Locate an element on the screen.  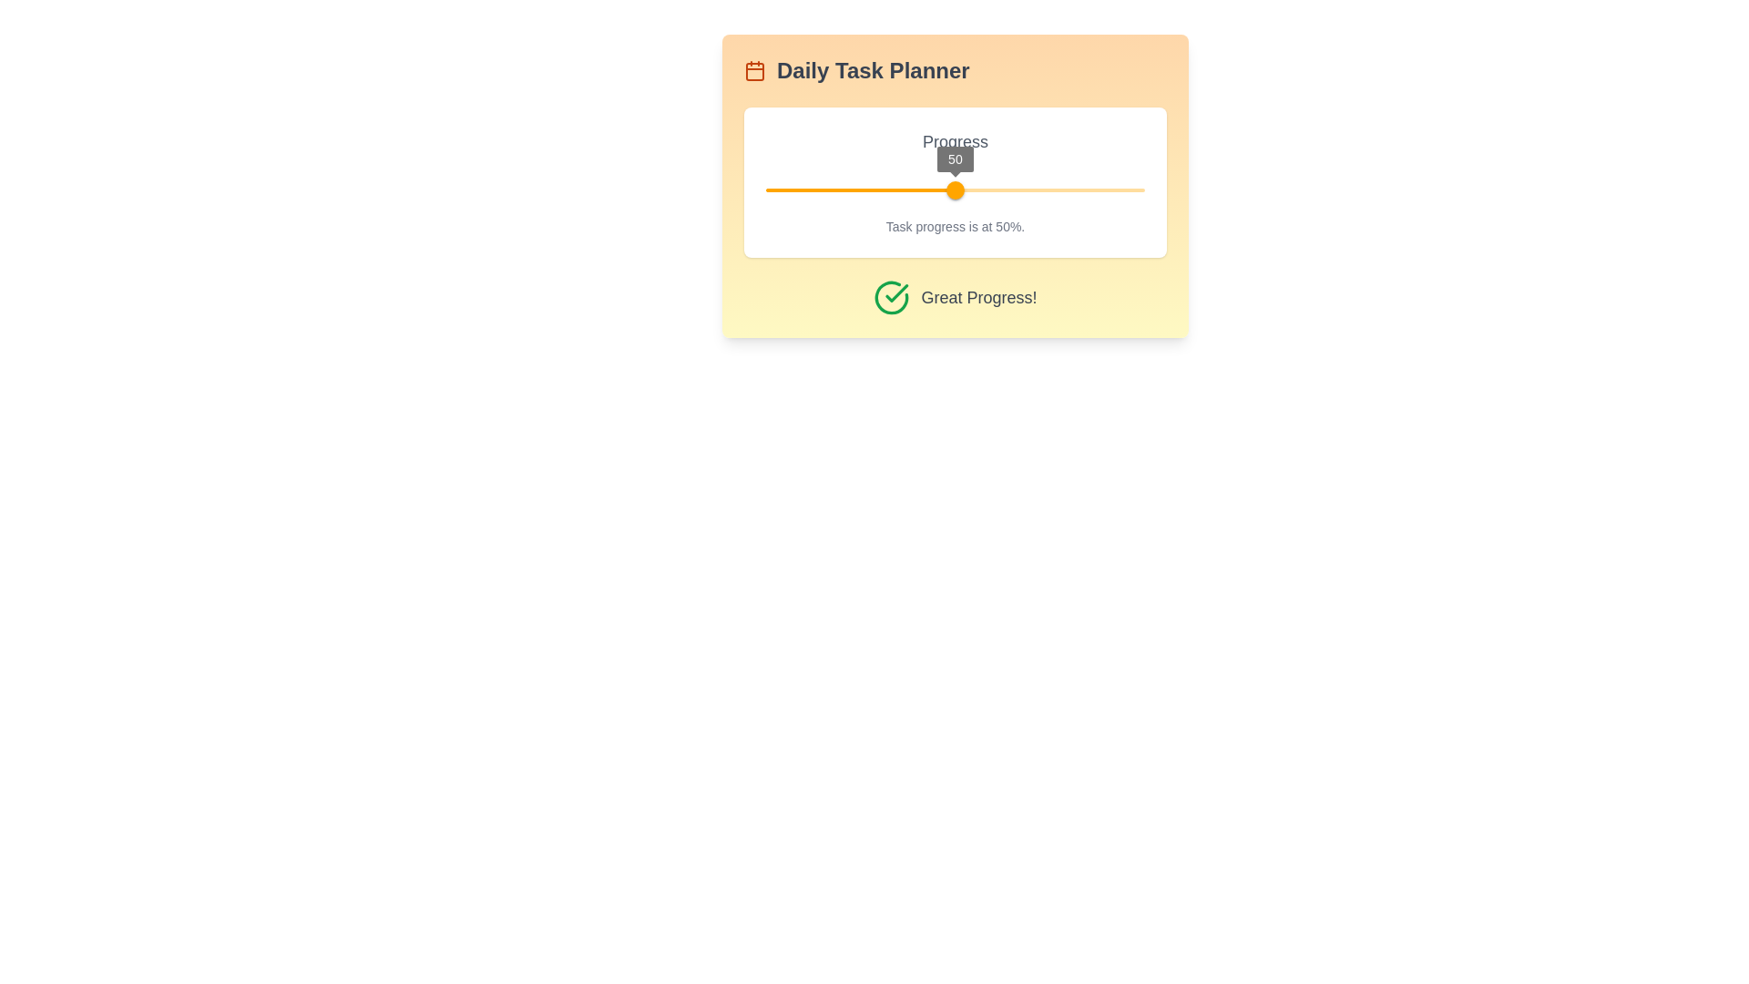
the progress value is located at coordinates (841, 190).